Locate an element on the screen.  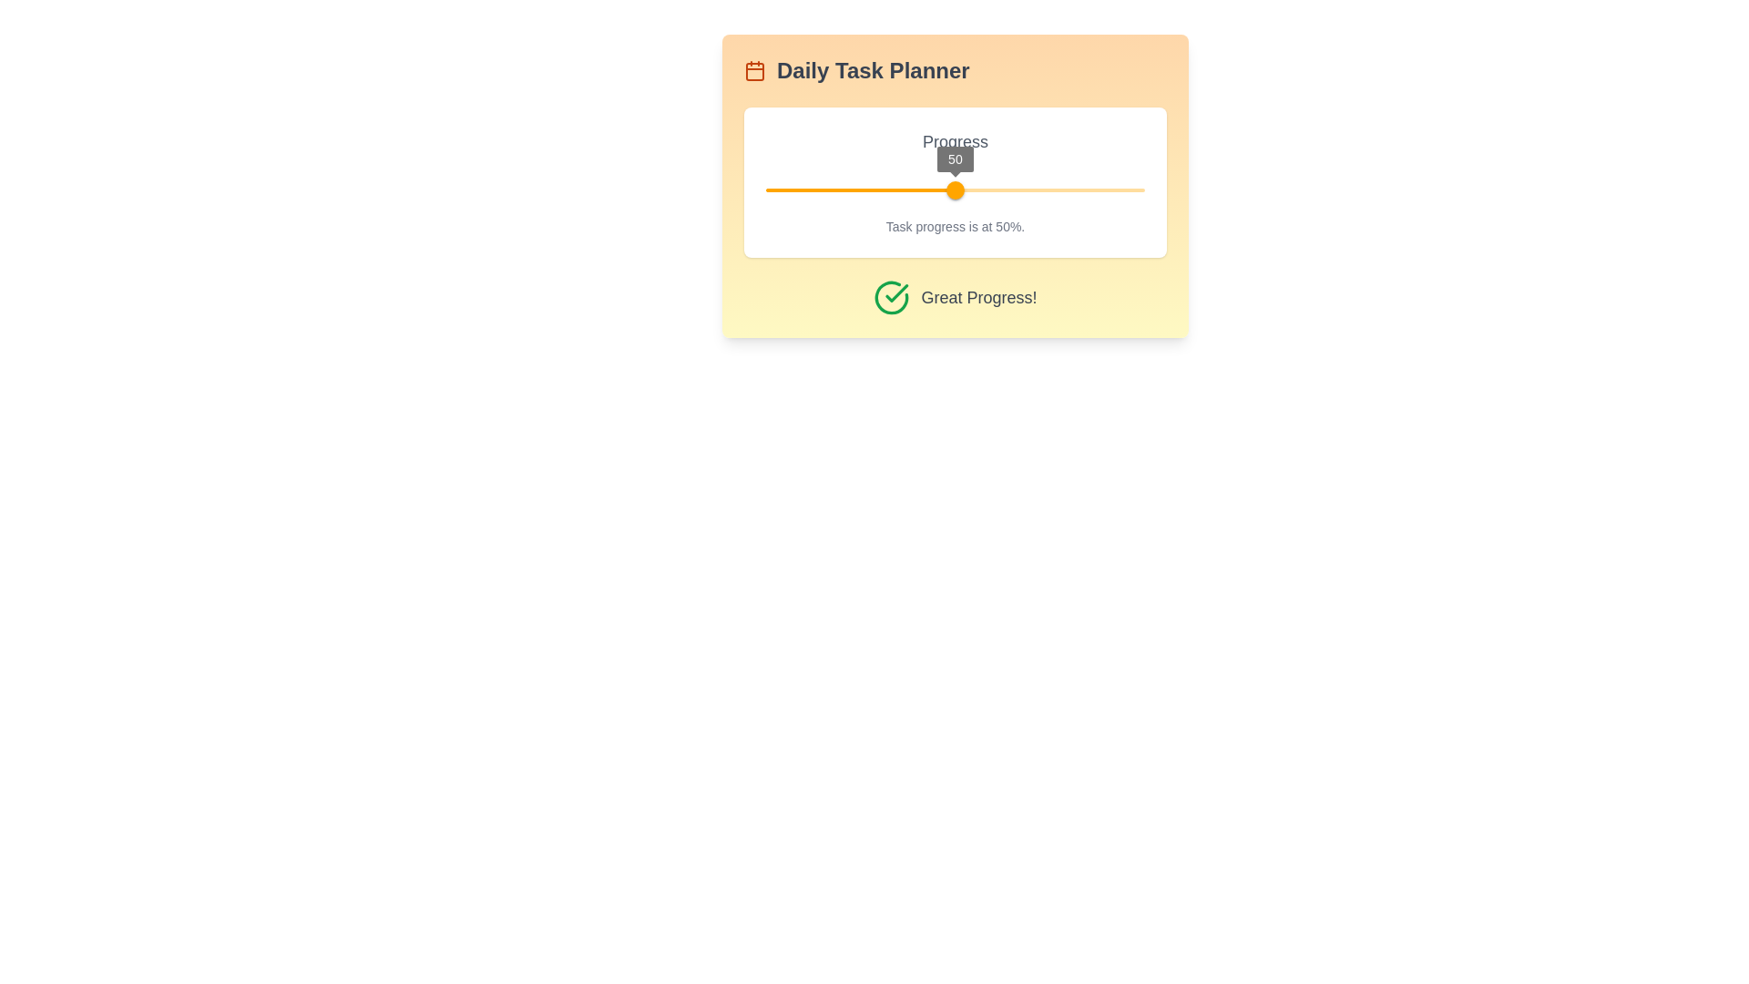
the progress value is located at coordinates (841, 190).